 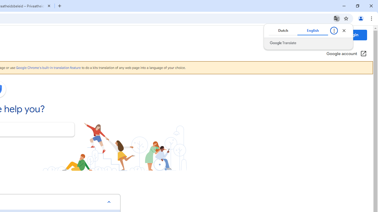 What do you see at coordinates (312, 31) in the screenshot?
I see `'English'` at bounding box center [312, 31].